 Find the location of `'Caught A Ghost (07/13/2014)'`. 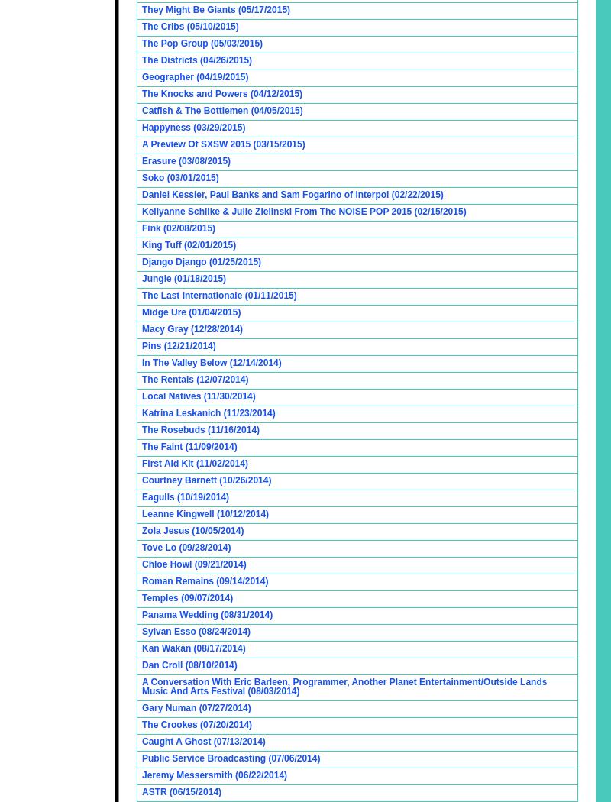

'Caught A Ghost (07/13/2014)' is located at coordinates (202, 741).